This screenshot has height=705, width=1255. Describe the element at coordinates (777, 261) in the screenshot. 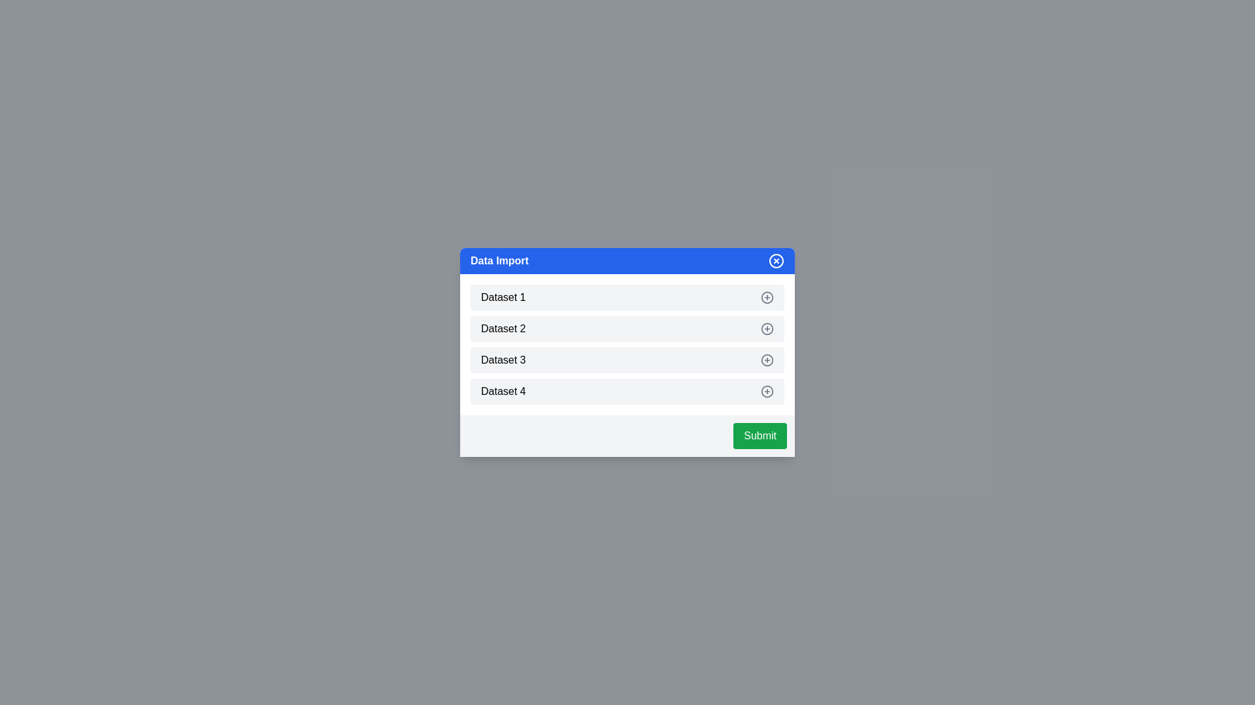

I see `the close button to dismiss the dialog` at that location.